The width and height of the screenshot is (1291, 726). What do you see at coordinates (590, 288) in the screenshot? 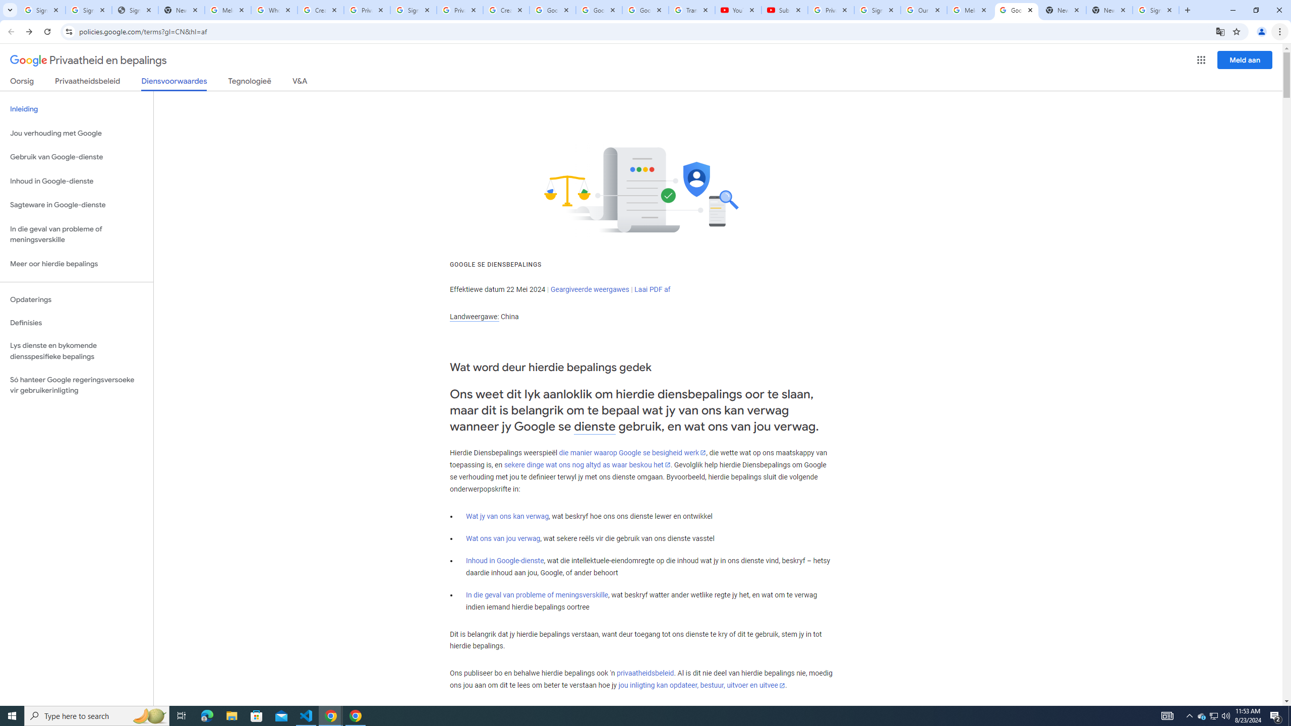
I see `'Geargiveerde weergawes'` at bounding box center [590, 288].